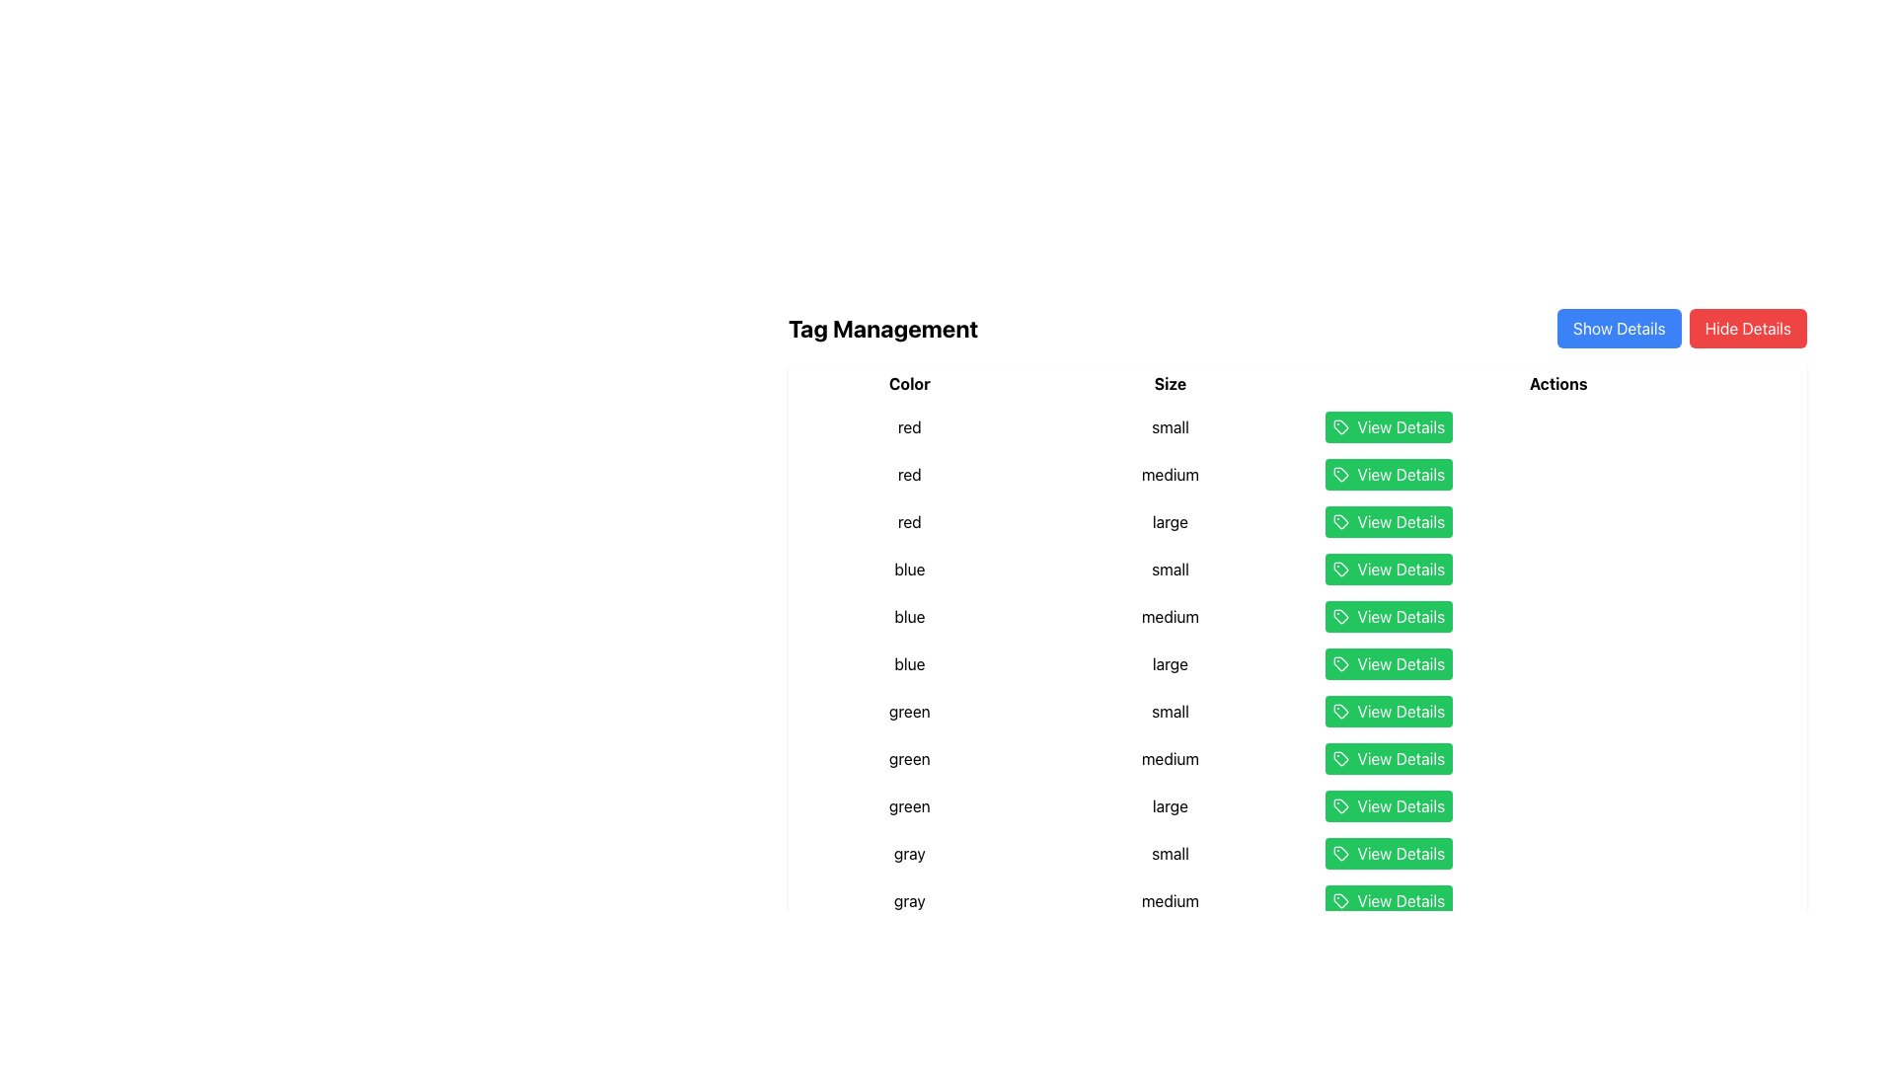  Describe the element at coordinates (1298, 615) in the screenshot. I see `the 'View Details' button in the second row of the data table under the 'blue' color category` at that location.